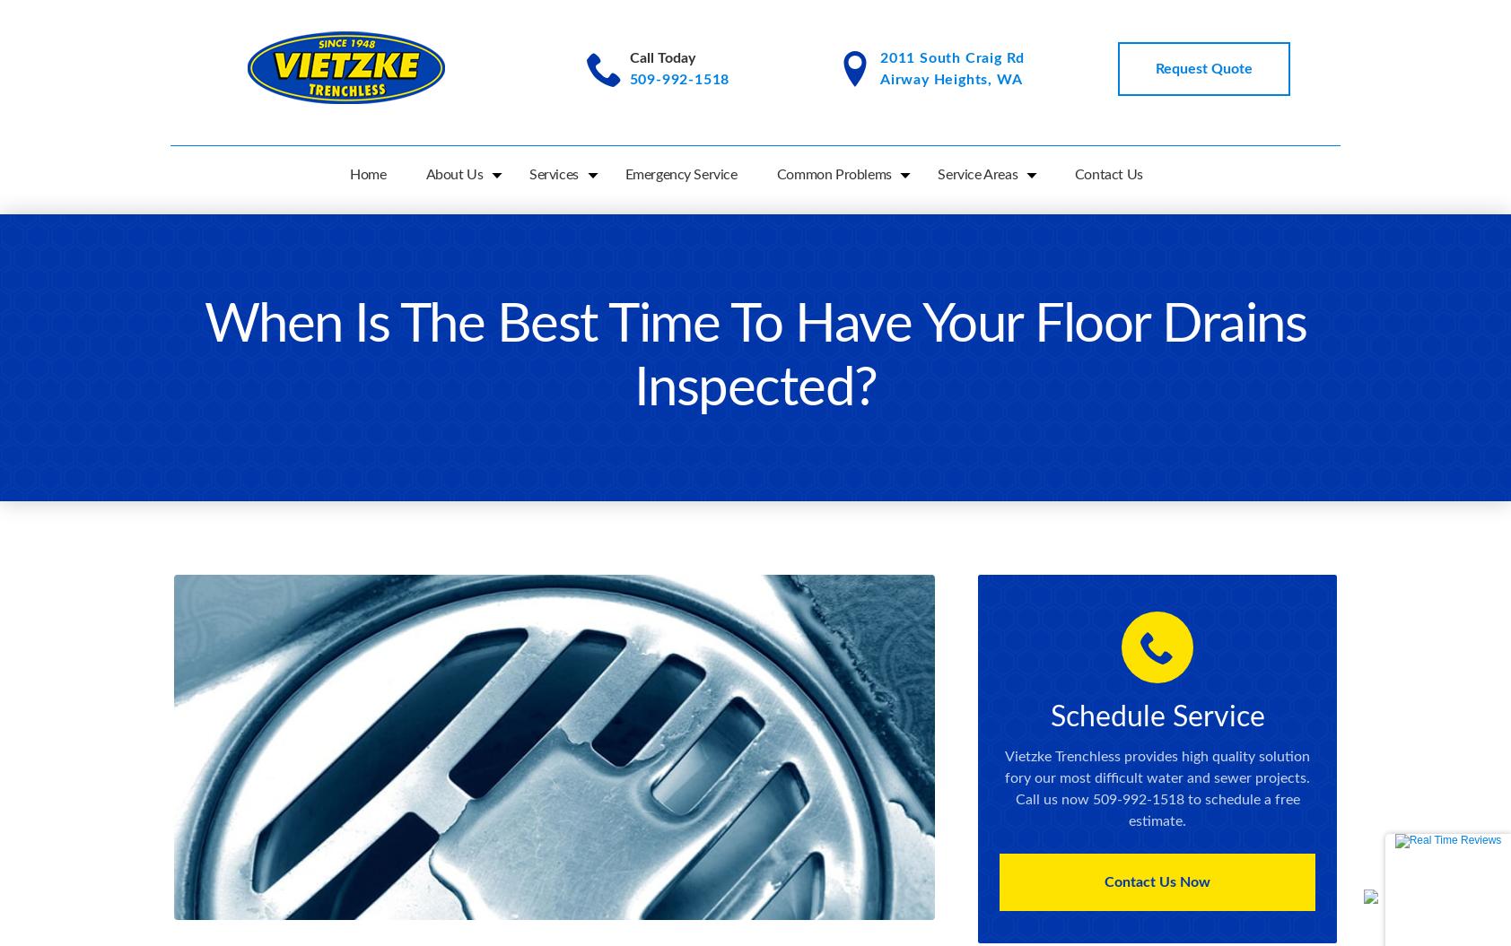  I want to click on 'Request Quote', so click(1201, 68).